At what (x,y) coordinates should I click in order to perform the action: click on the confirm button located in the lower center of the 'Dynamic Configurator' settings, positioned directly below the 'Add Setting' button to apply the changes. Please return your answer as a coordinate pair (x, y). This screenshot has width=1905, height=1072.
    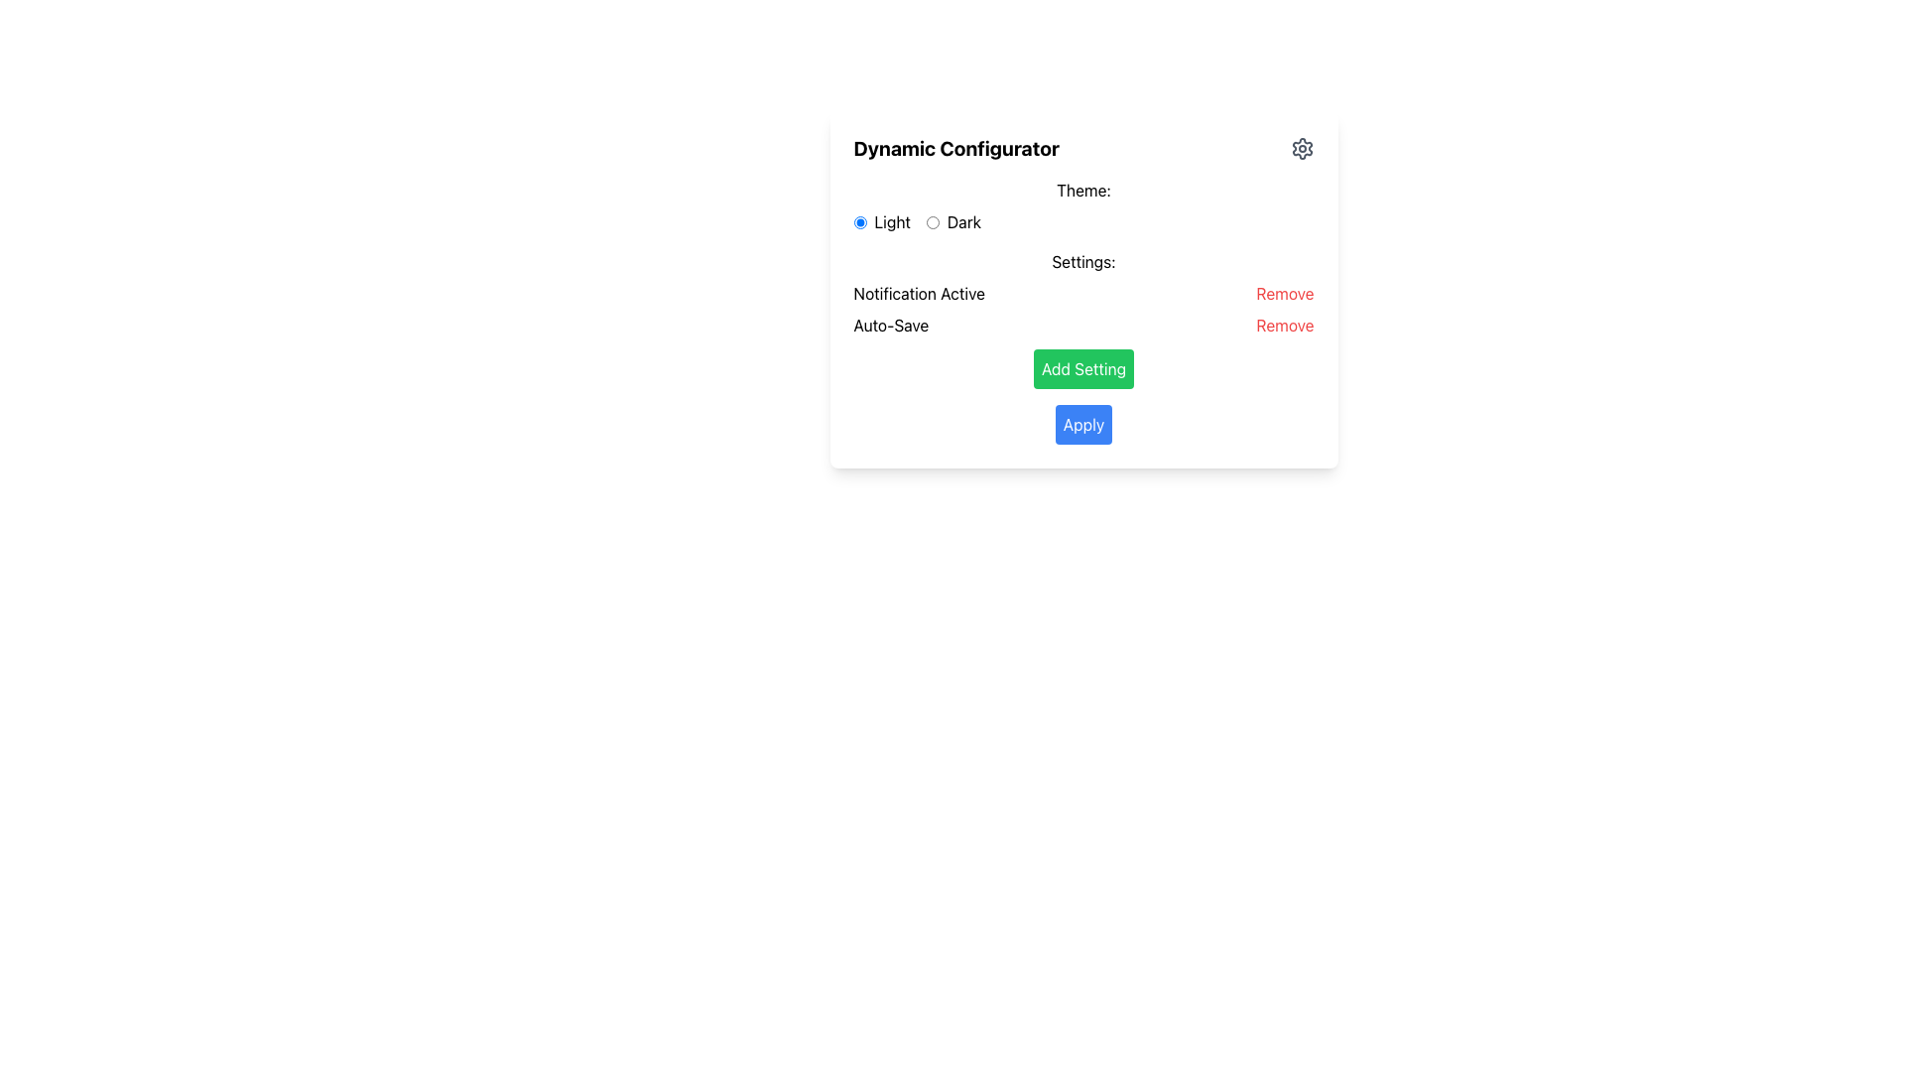
    Looking at the image, I should click on (1082, 424).